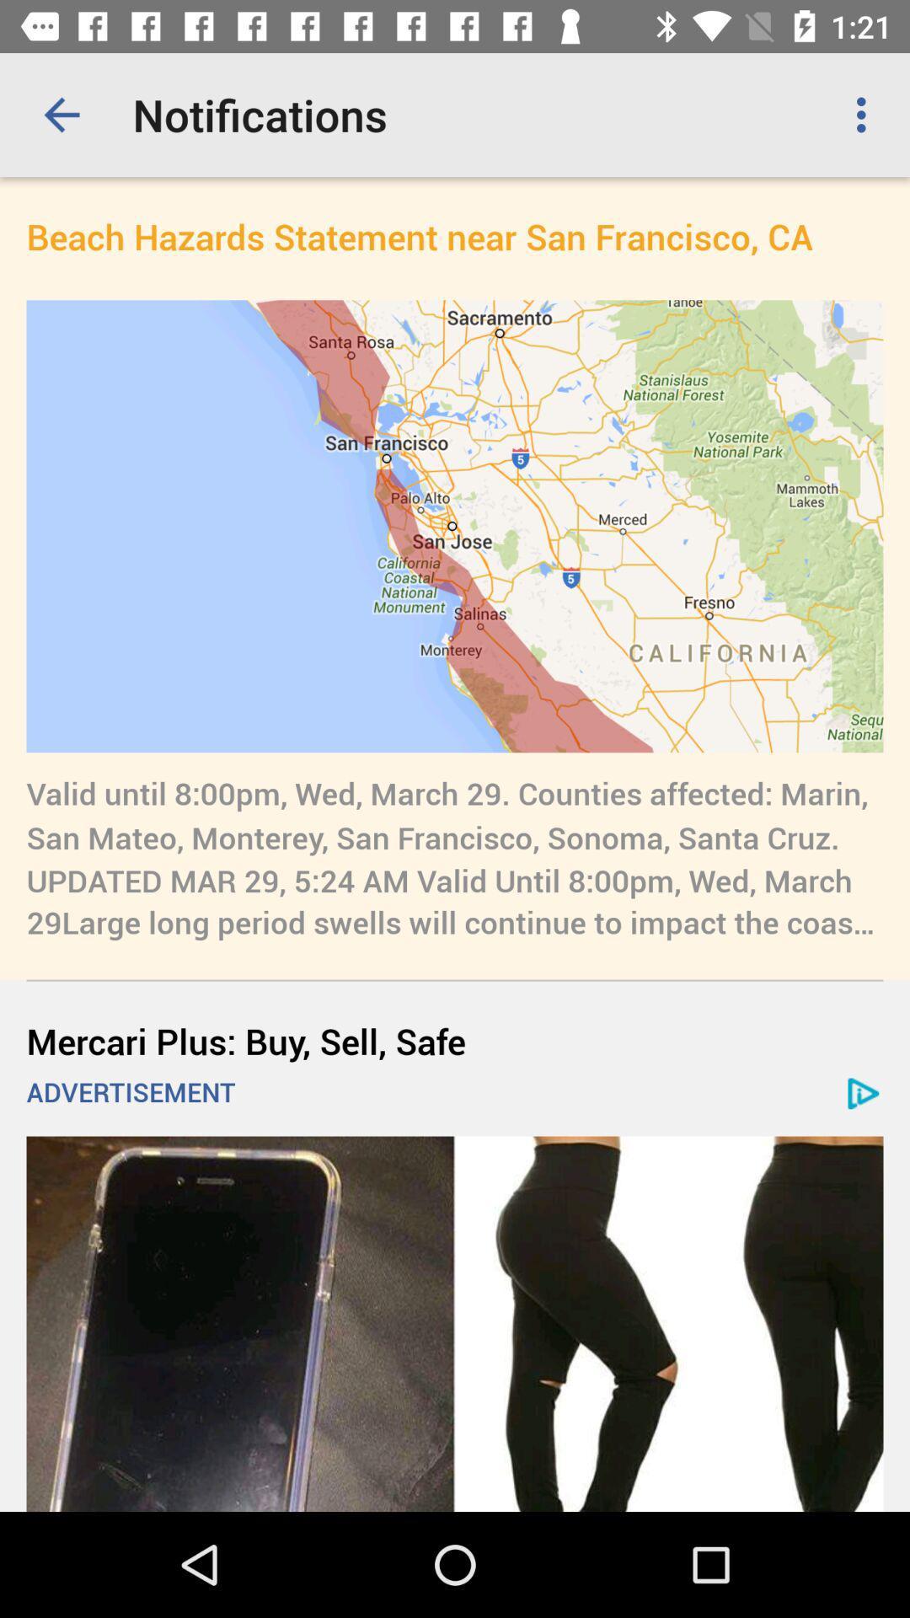 This screenshot has height=1618, width=910. Describe the element at coordinates (865, 114) in the screenshot. I see `icon to the right of the notifications icon` at that location.